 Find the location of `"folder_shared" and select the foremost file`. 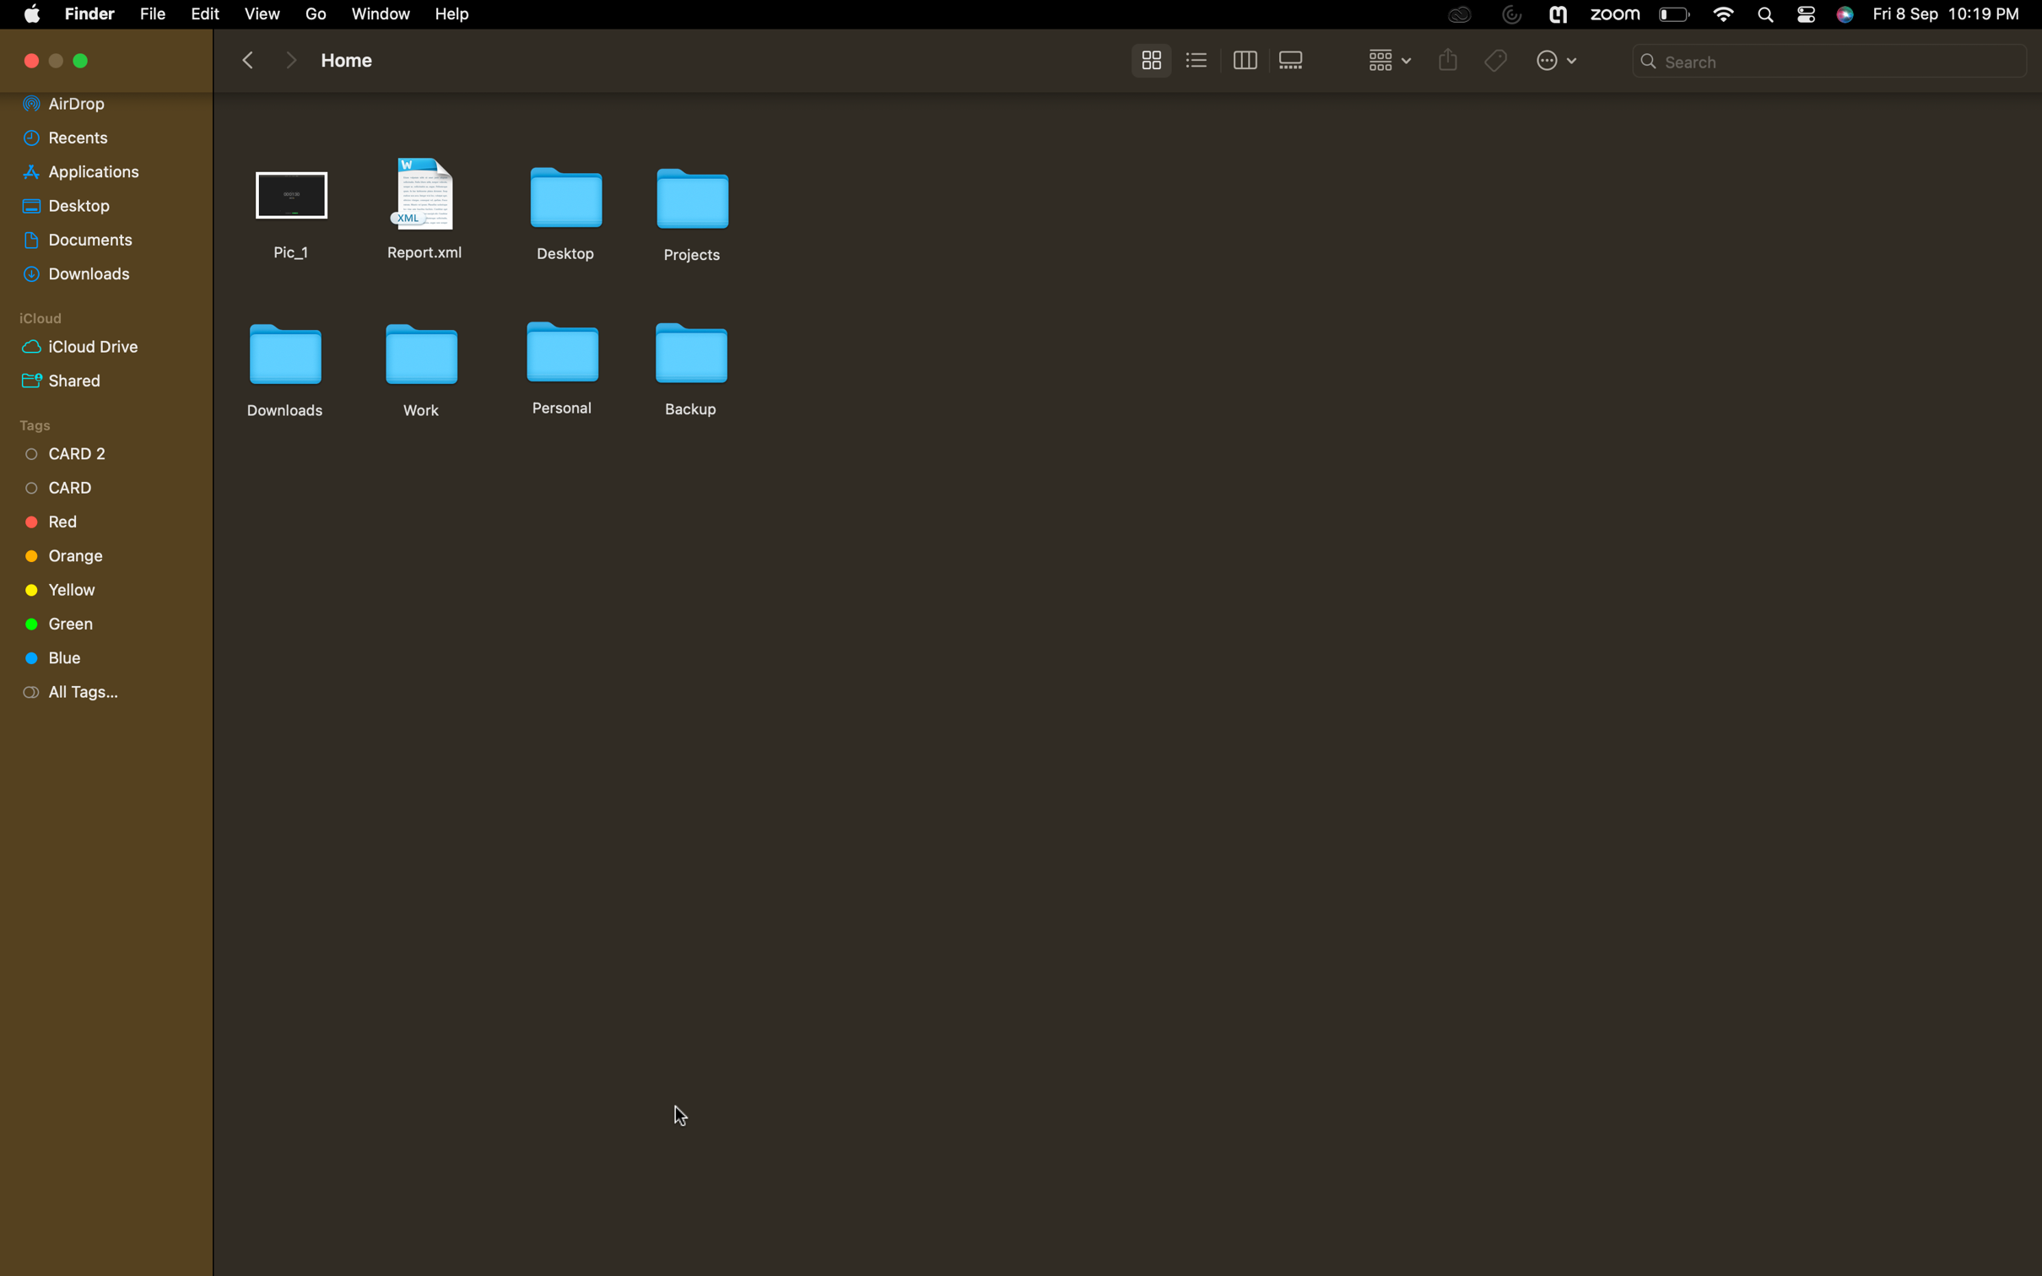

"folder_shared" and select the foremost file is located at coordinates (99, 378).